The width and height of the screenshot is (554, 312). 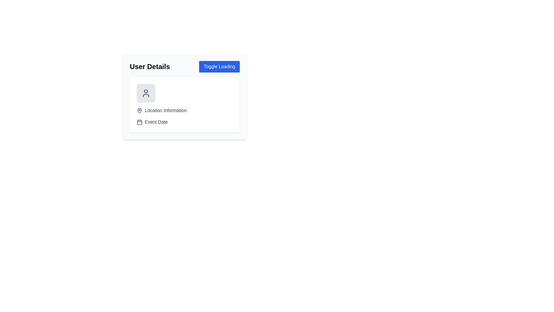 What do you see at coordinates (185, 110) in the screenshot?
I see `the label or heading with an associated icon located below the 'User Details' header and above the 'Event Date' element` at bounding box center [185, 110].